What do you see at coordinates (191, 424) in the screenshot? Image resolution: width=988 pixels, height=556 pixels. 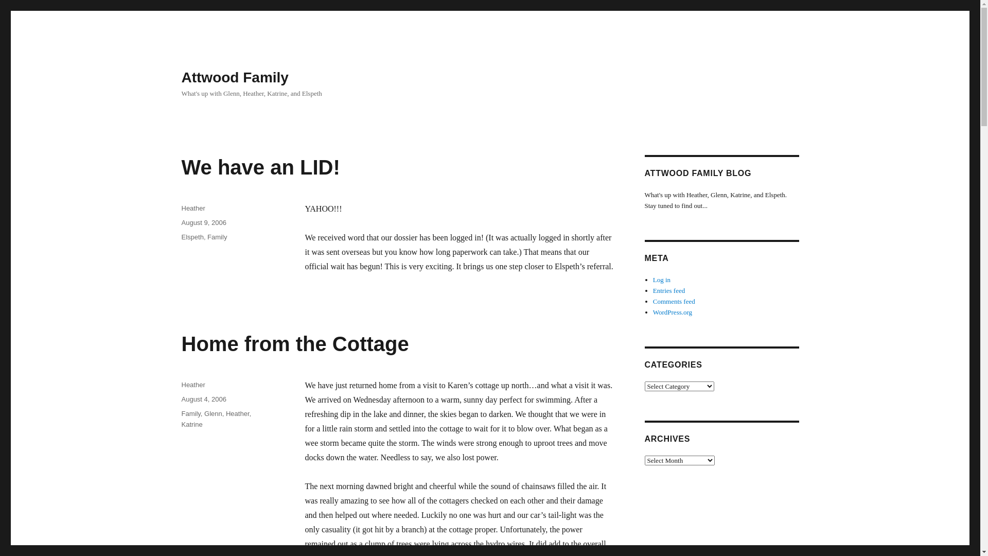 I see `'Katrine'` at bounding box center [191, 424].